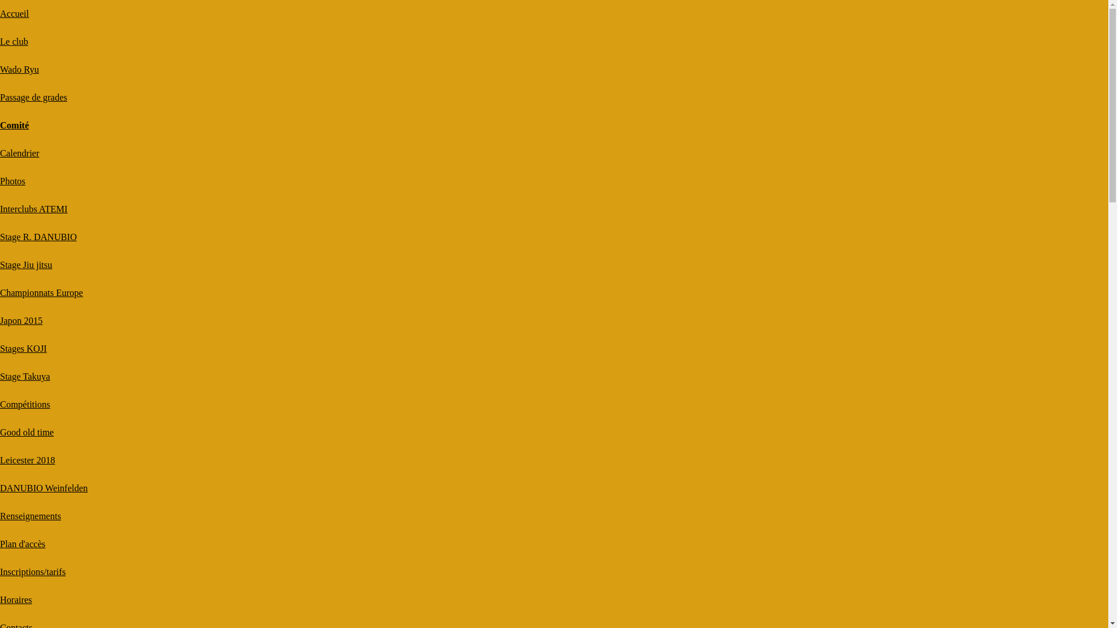 The height and width of the screenshot is (628, 1117). What do you see at coordinates (27, 459) in the screenshot?
I see `'Leicester 2018'` at bounding box center [27, 459].